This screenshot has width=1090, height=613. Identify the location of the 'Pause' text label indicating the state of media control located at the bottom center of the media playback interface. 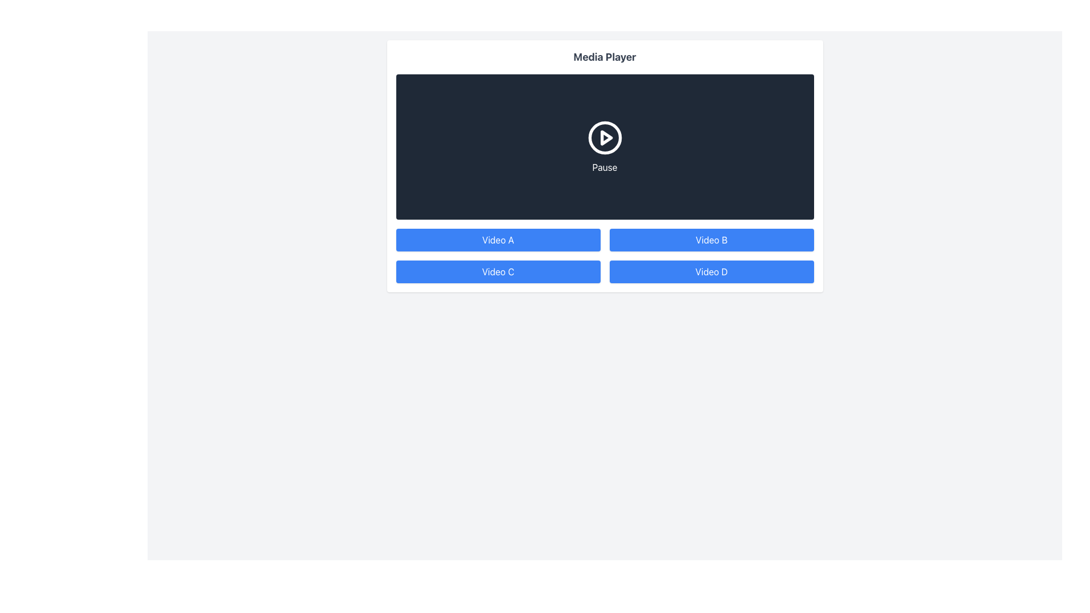
(604, 167).